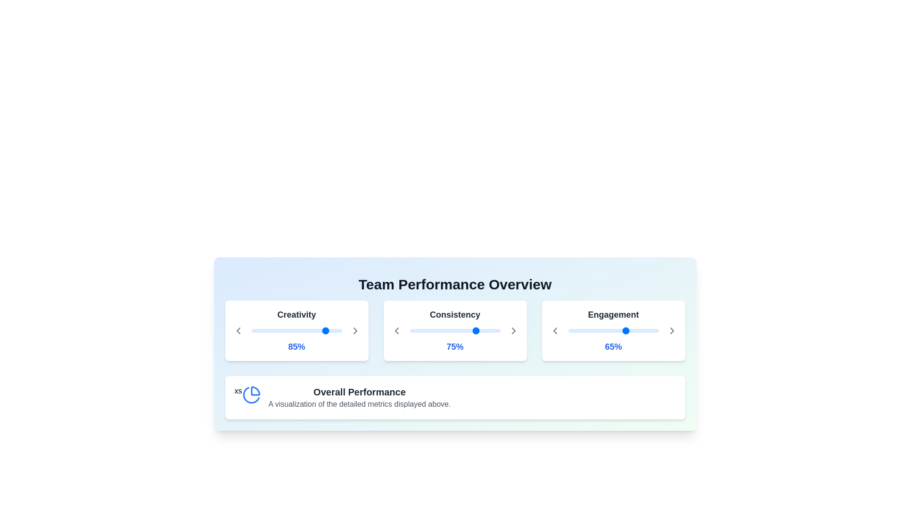  What do you see at coordinates (671, 330) in the screenshot?
I see `the right-pointing arrow icon button located in the bottom-right corner of the 'Engagement' section` at bounding box center [671, 330].